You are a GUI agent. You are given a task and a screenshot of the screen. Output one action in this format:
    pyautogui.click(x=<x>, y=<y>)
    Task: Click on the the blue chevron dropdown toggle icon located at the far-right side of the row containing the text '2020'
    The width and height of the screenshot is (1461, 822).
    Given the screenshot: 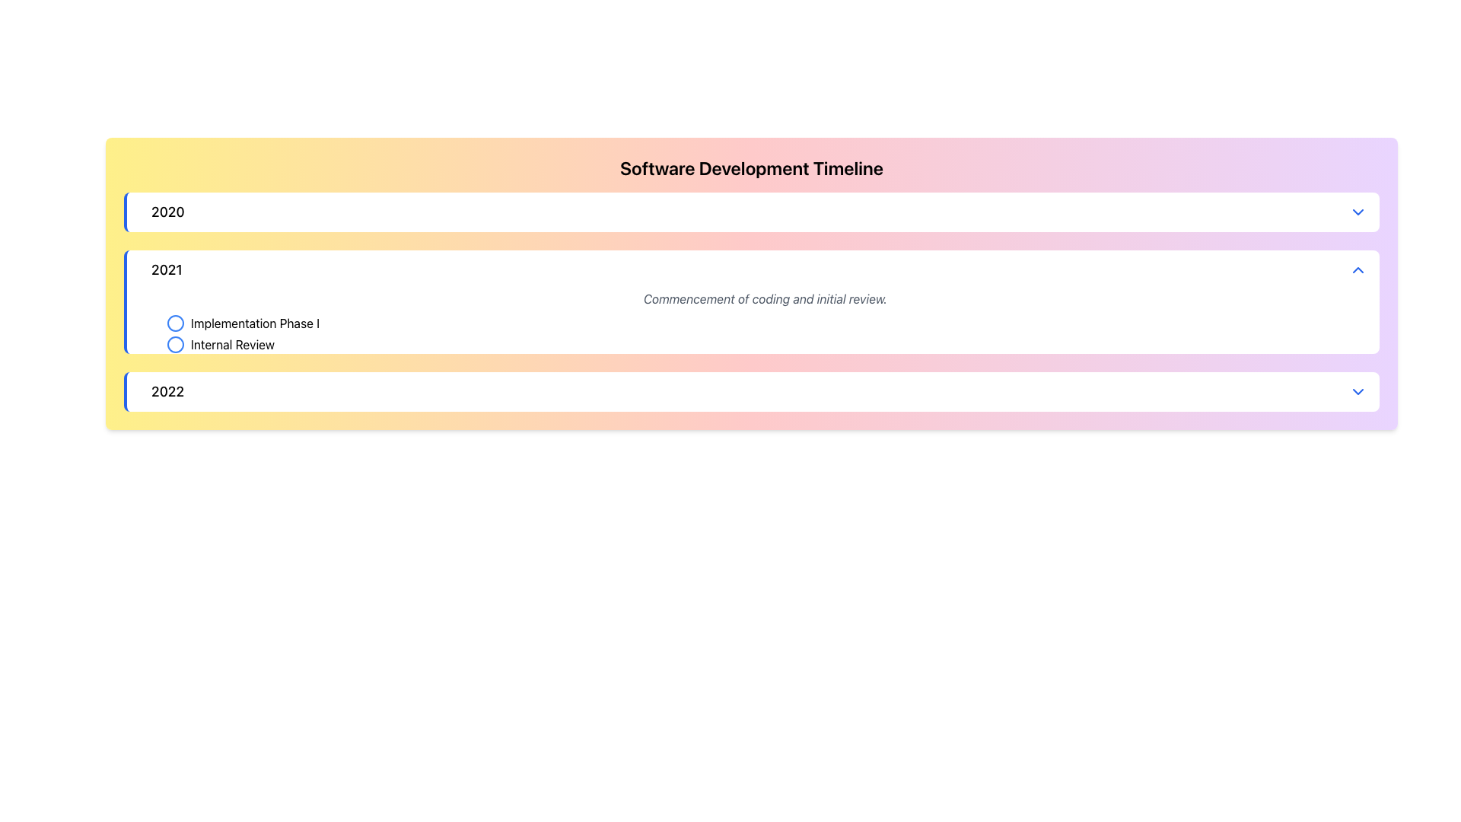 What is the action you would take?
    pyautogui.click(x=1358, y=212)
    